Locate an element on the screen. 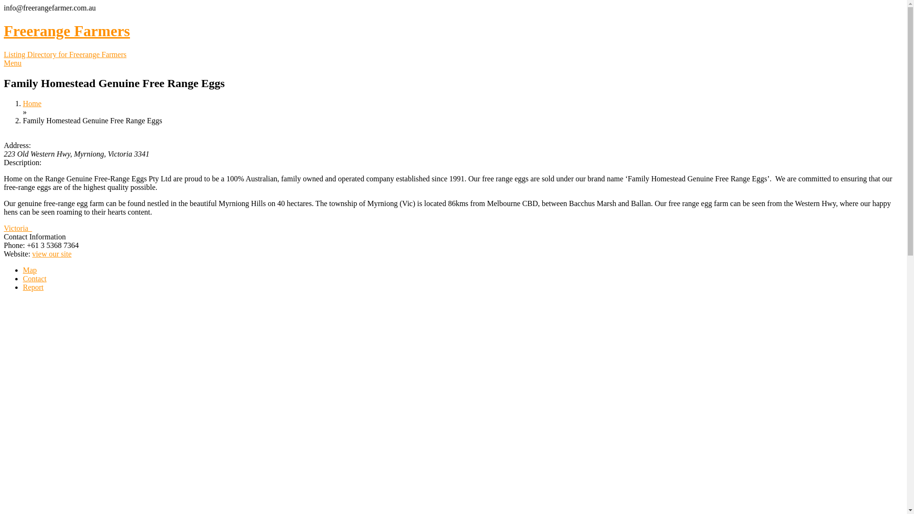 This screenshot has height=514, width=914. 'Freerange Farmers is located at coordinates (453, 40).